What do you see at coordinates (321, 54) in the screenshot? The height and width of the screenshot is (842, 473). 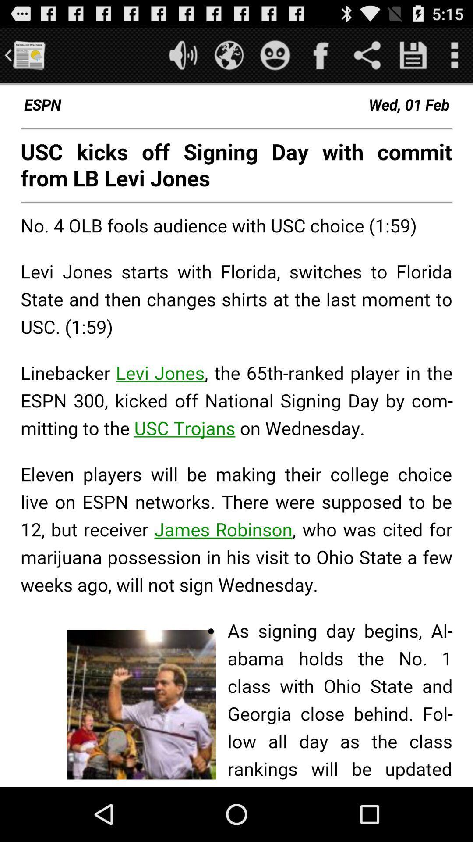 I see `share to facebook` at bounding box center [321, 54].